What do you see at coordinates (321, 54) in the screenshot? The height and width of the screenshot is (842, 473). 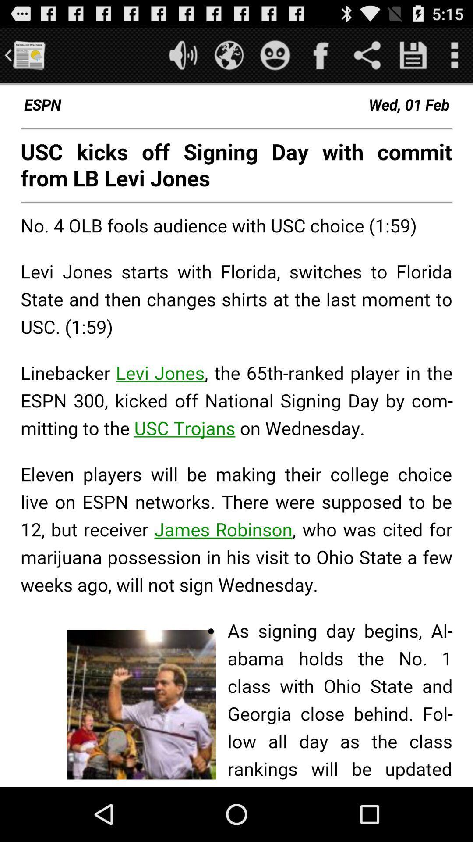 I see `share to facebook` at bounding box center [321, 54].